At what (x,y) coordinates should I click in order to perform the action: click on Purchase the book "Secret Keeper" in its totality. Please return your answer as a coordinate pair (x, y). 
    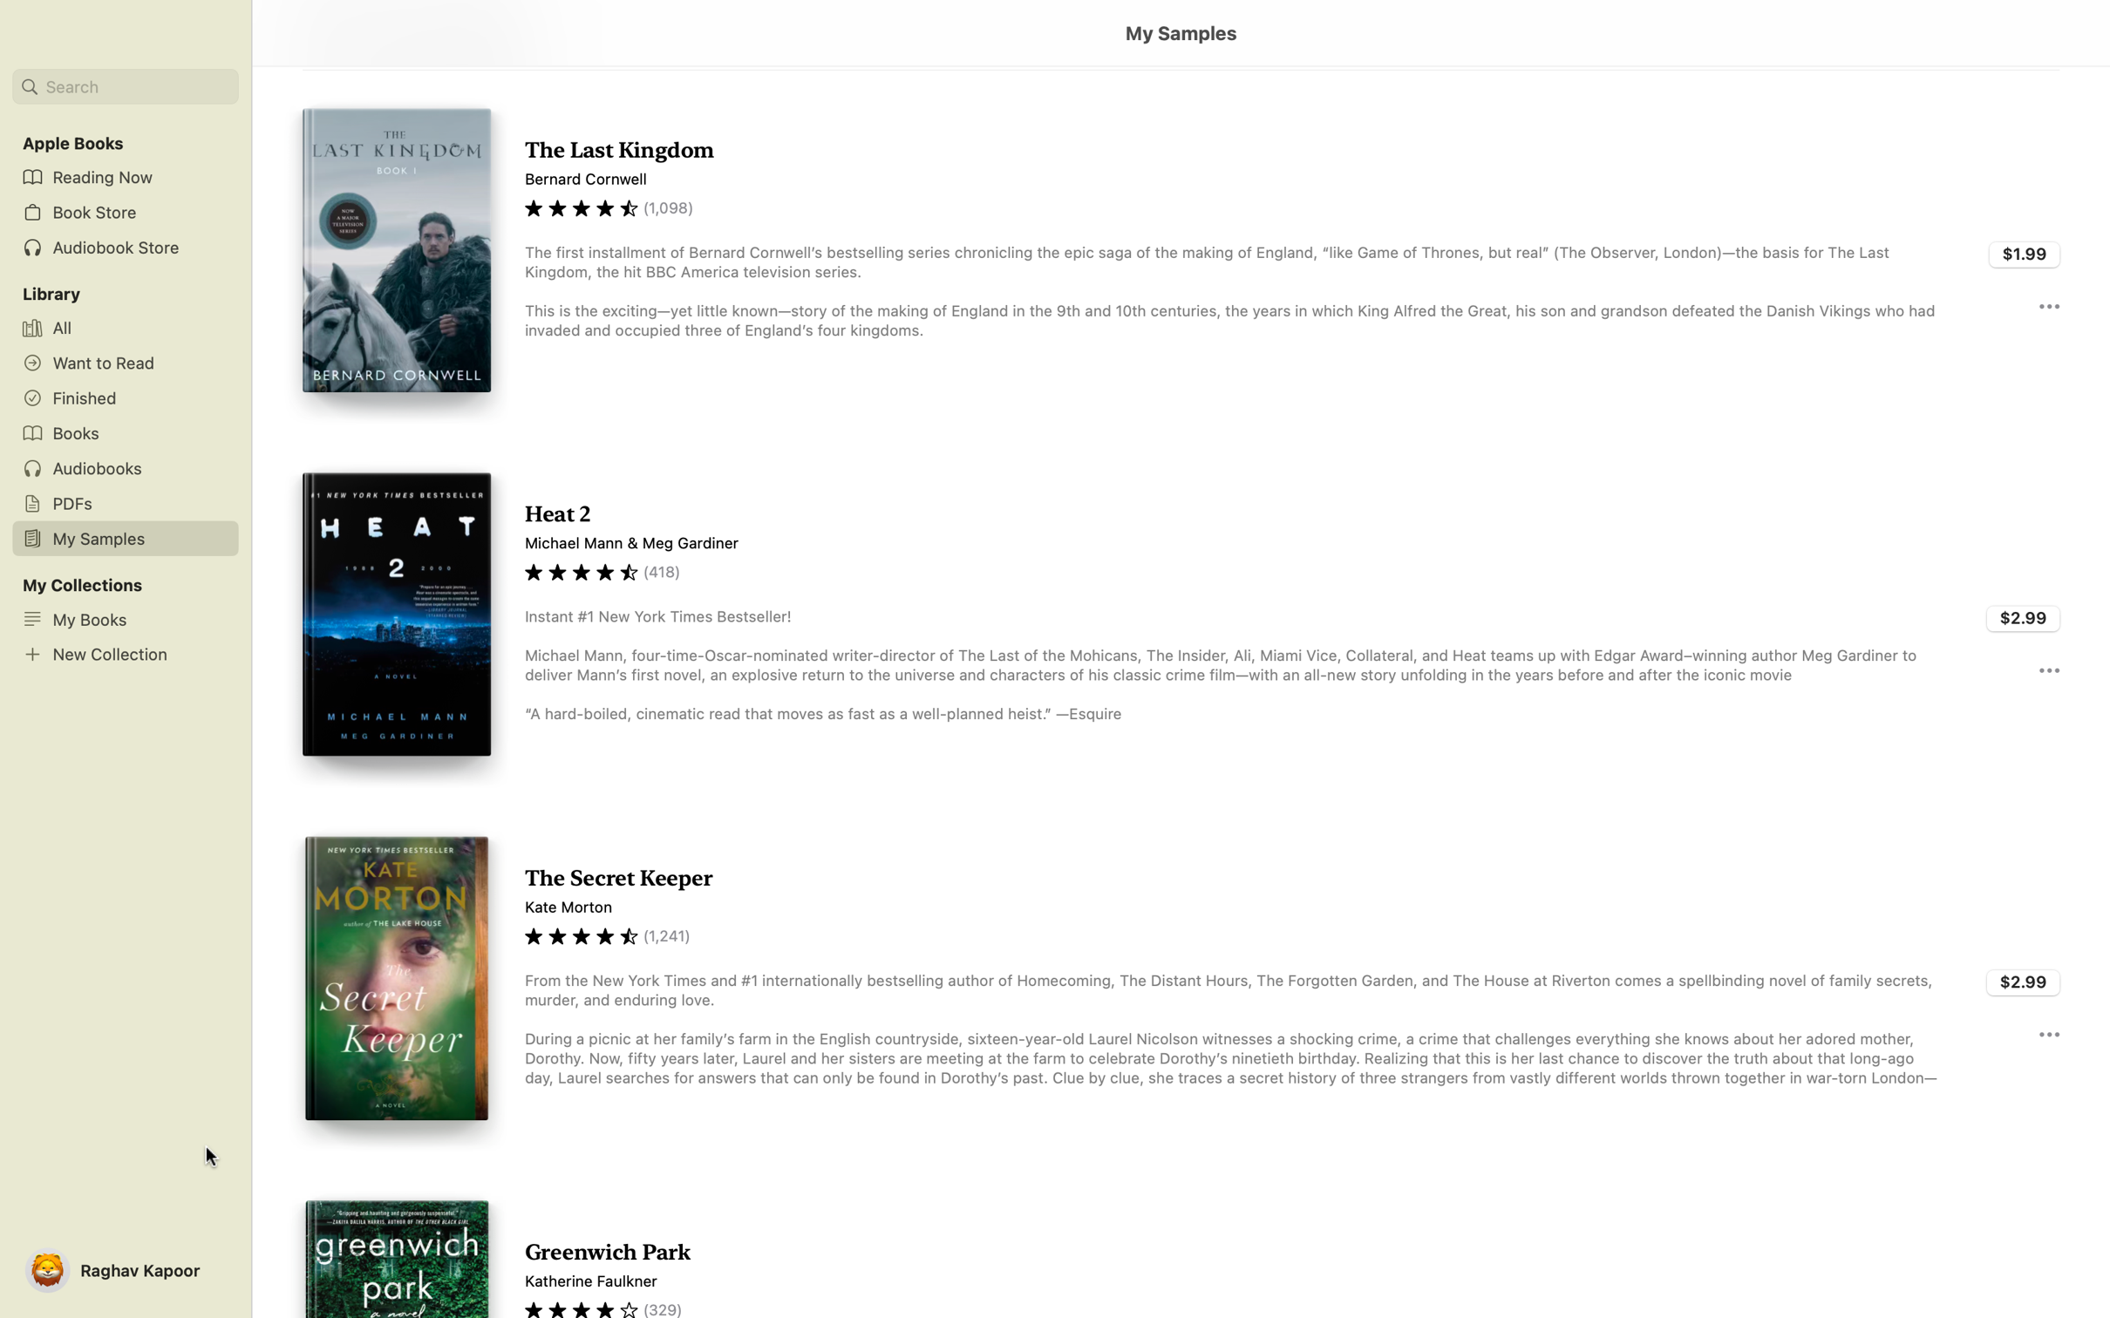
    Looking at the image, I should click on (2024, 979).